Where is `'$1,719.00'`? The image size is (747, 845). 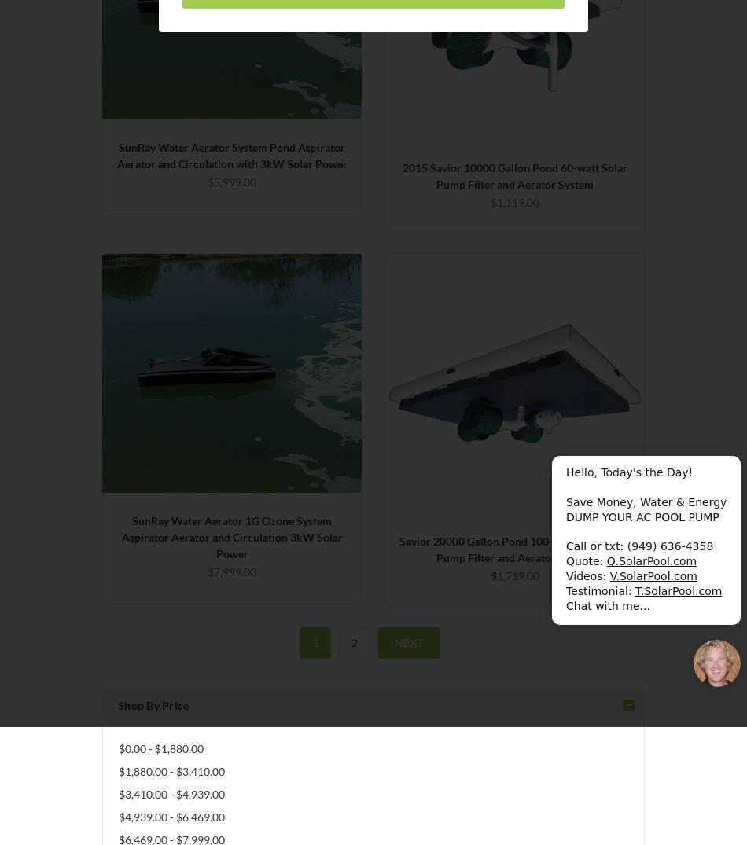
'$1,719.00' is located at coordinates (490, 575).